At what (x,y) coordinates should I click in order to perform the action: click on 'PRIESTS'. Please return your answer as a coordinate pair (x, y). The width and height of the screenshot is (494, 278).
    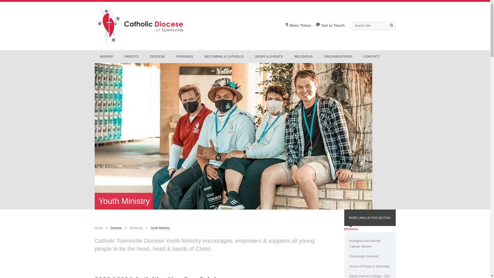
    Looking at the image, I should click on (131, 56).